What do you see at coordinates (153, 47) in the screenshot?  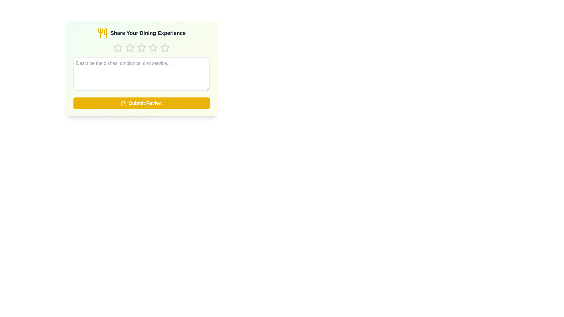 I see `the star corresponding to 4 stars to set the rating` at bounding box center [153, 47].